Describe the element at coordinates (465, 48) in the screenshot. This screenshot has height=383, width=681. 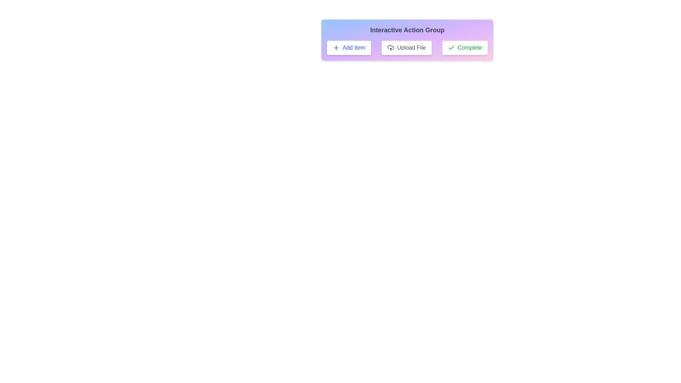
I see `the completion button located immediately to the right of the 'Upload File' button in the 'Interactive Action Group' section` at that location.